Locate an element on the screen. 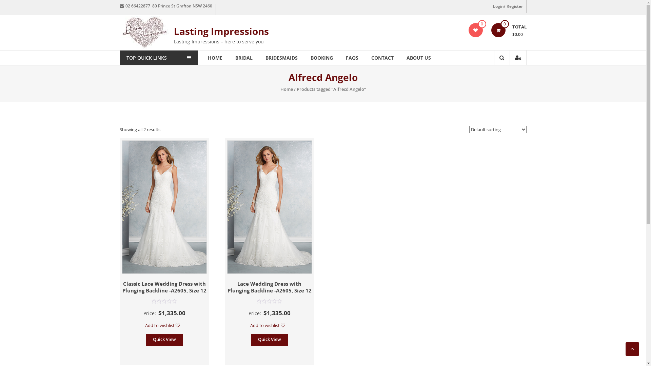  'Home' is located at coordinates (286, 88).